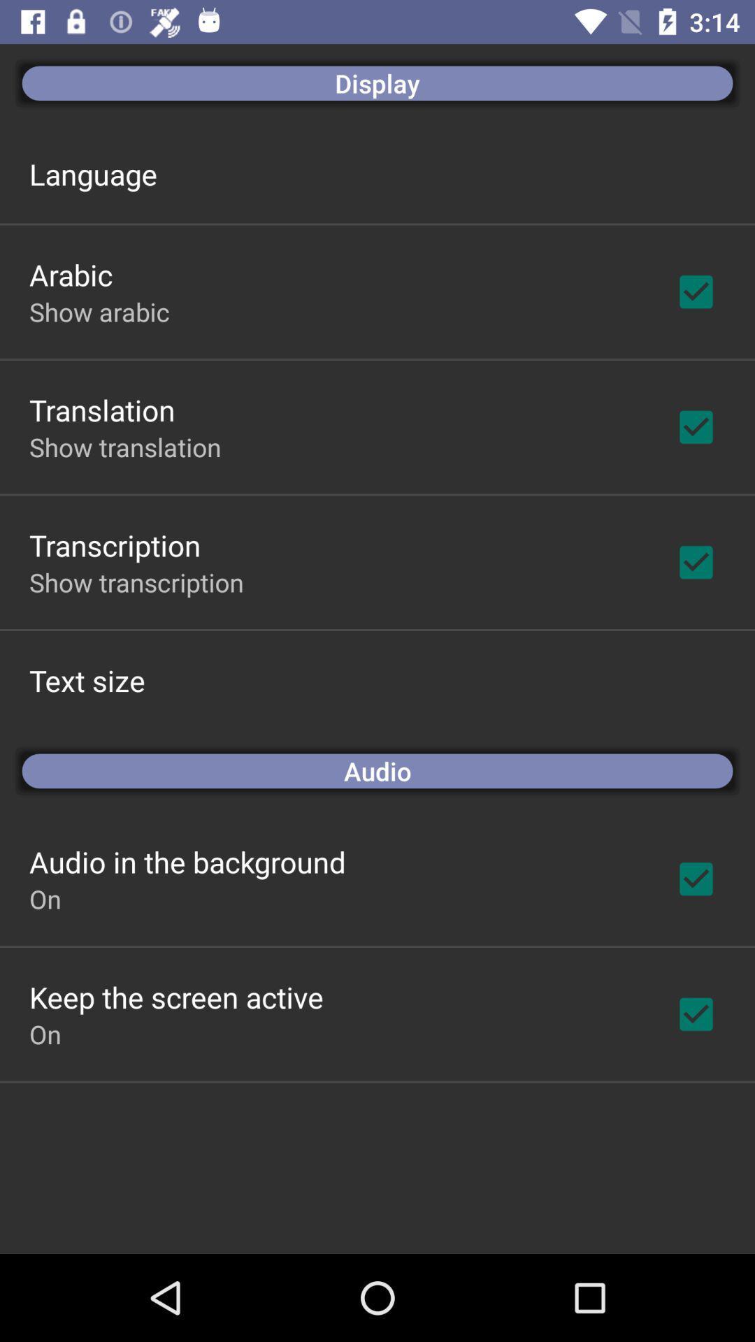 The height and width of the screenshot is (1342, 755). I want to click on the app above arabic icon, so click(93, 173).